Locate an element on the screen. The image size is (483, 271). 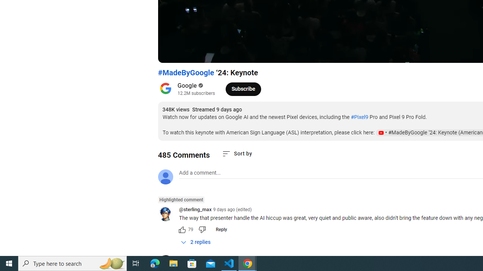
'Highlighted comment' is located at coordinates (181, 199).